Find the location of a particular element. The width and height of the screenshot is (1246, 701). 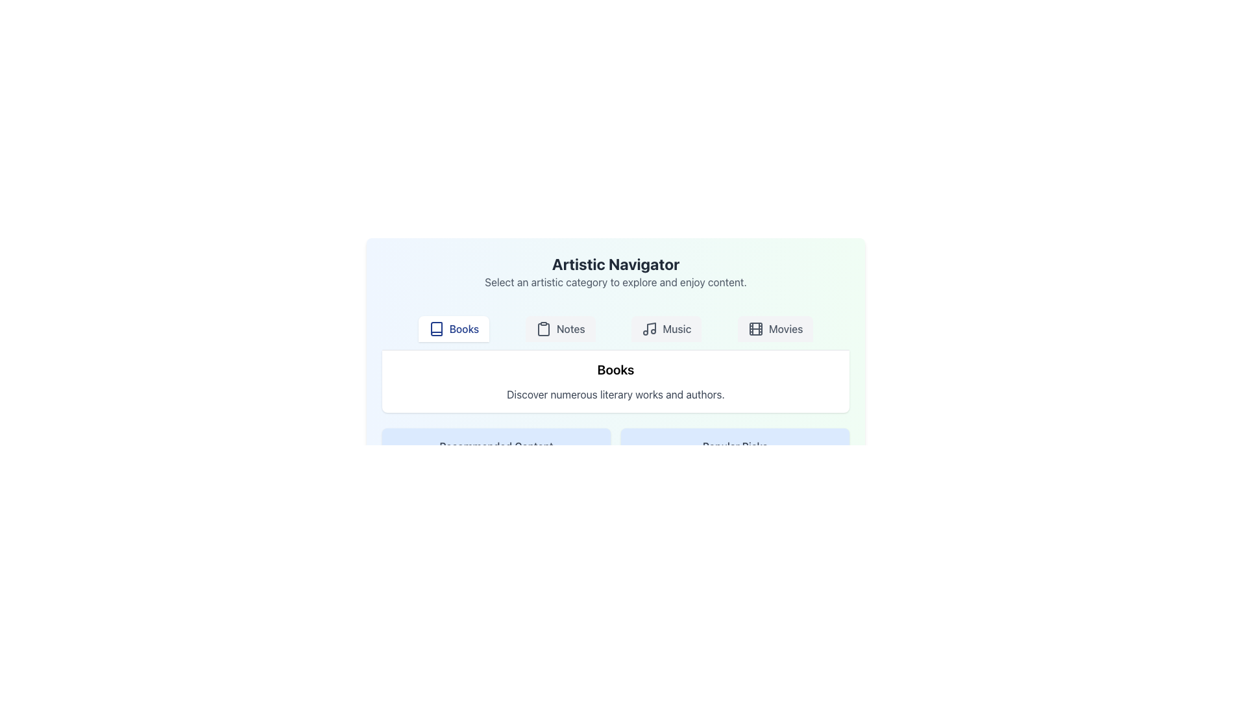

the static text that reads 'Select an artistic category is located at coordinates (615, 282).